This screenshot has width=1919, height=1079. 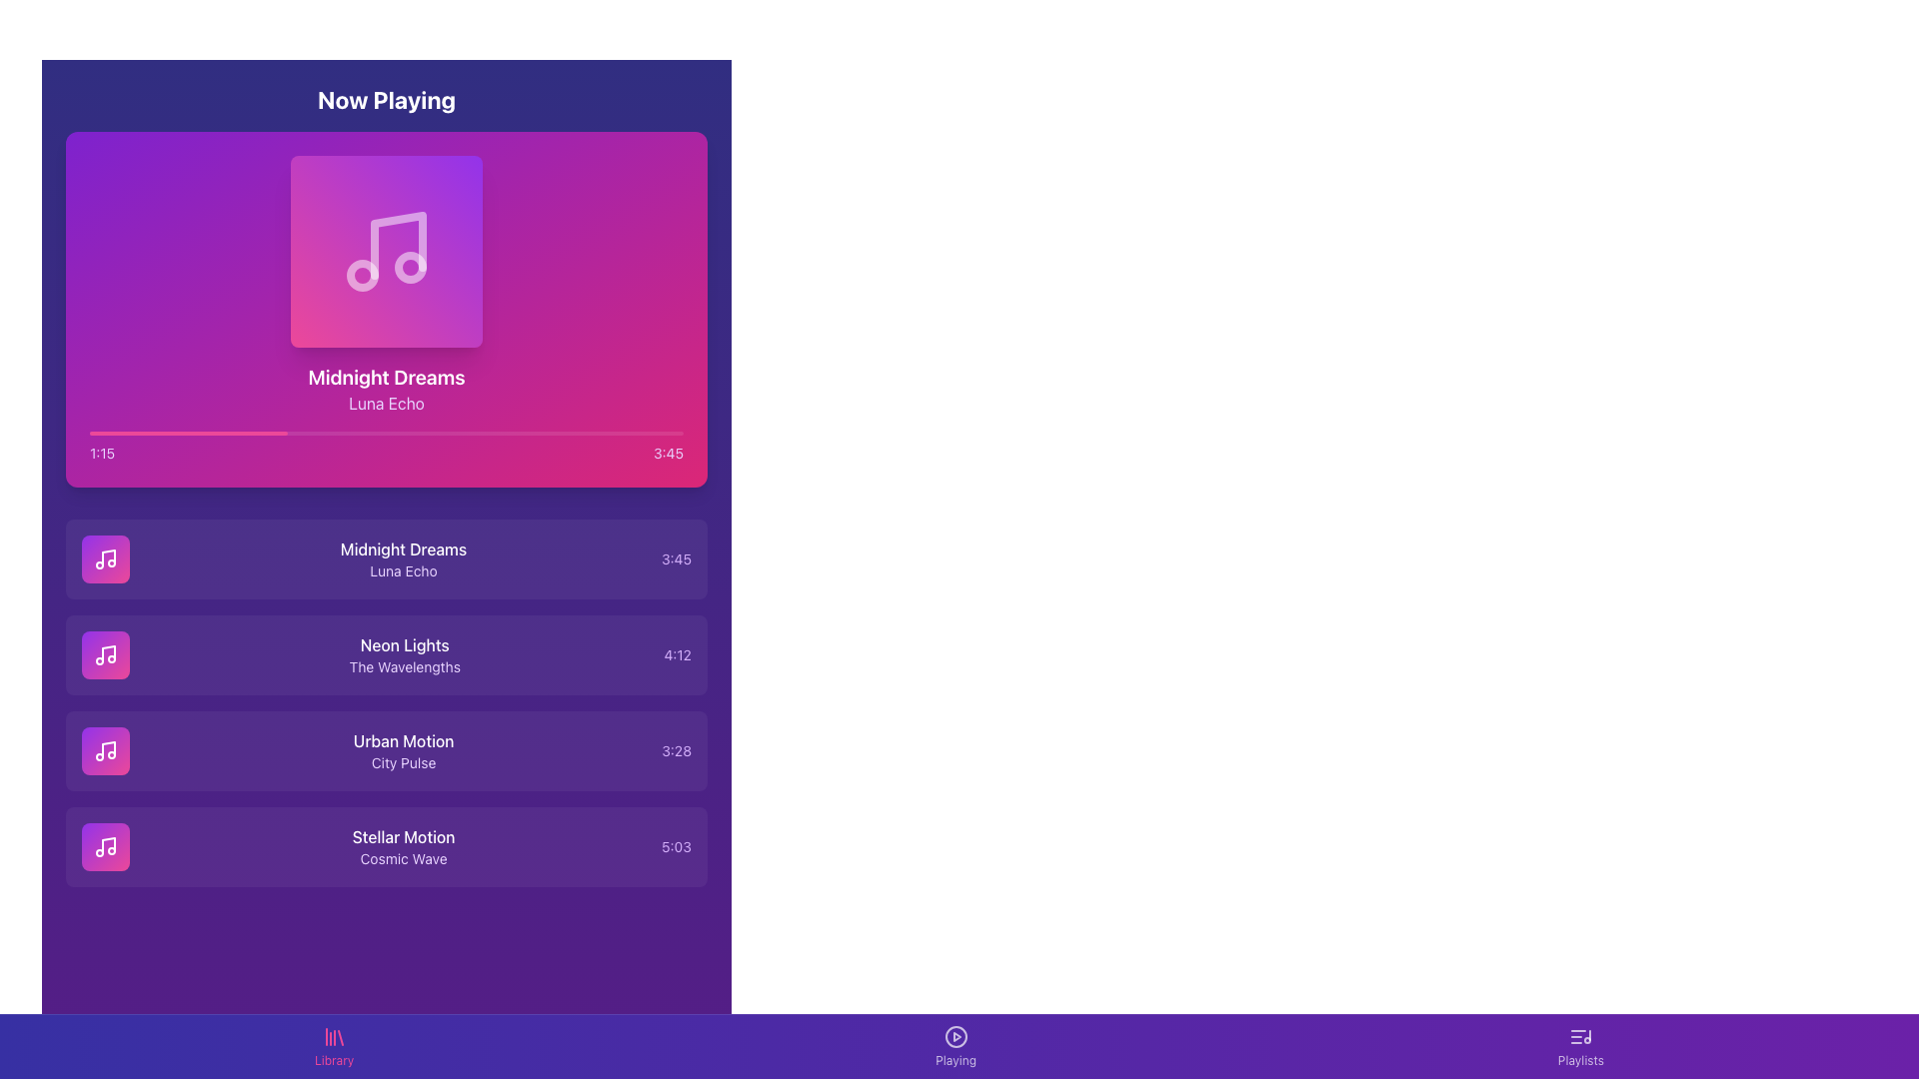 What do you see at coordinates (208, 433) in the screenshot?
I see `the slider` at bounding box center [208, 433].